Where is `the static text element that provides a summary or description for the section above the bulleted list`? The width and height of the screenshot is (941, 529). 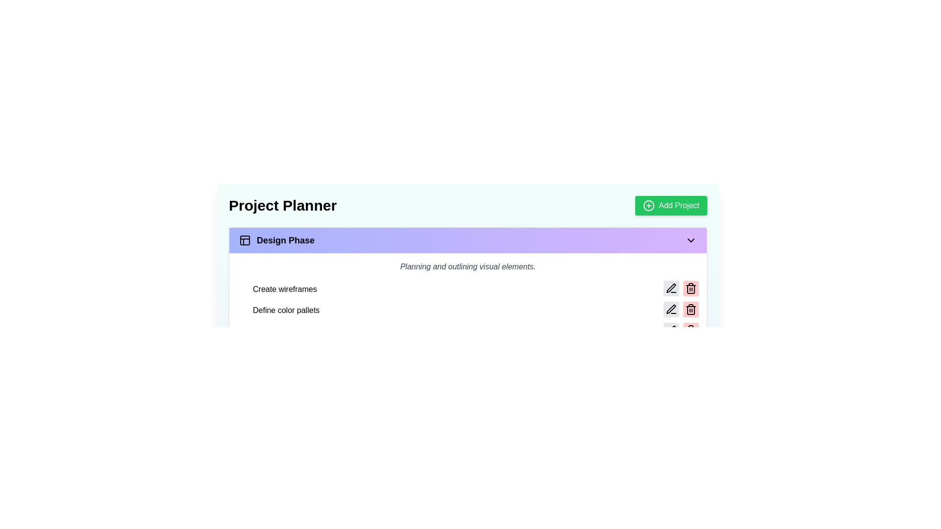 the static text element that provides a summary or description for the section above the bulleted list is located at coordinates (468, 266).